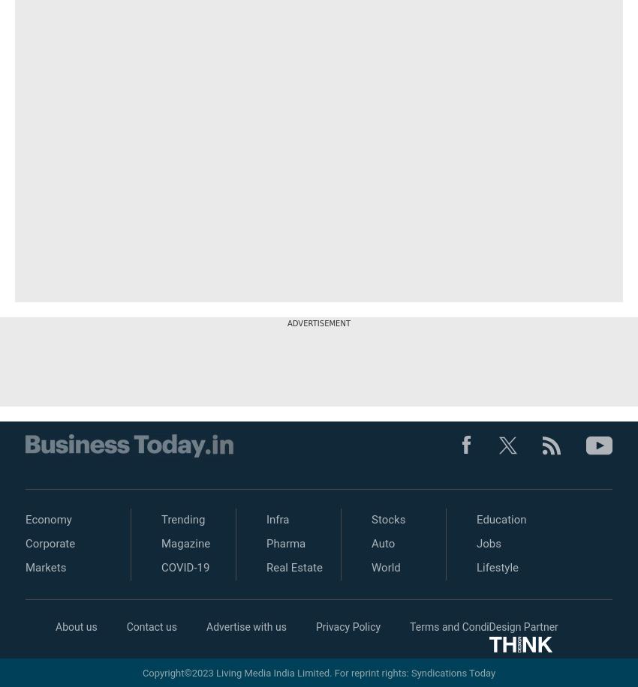 Image resolution: width=638 pixels, height=687 pixels. Describe the element at coordinates (347, 627) in the screenshot. I see `'Privacy Policy'` at that location.